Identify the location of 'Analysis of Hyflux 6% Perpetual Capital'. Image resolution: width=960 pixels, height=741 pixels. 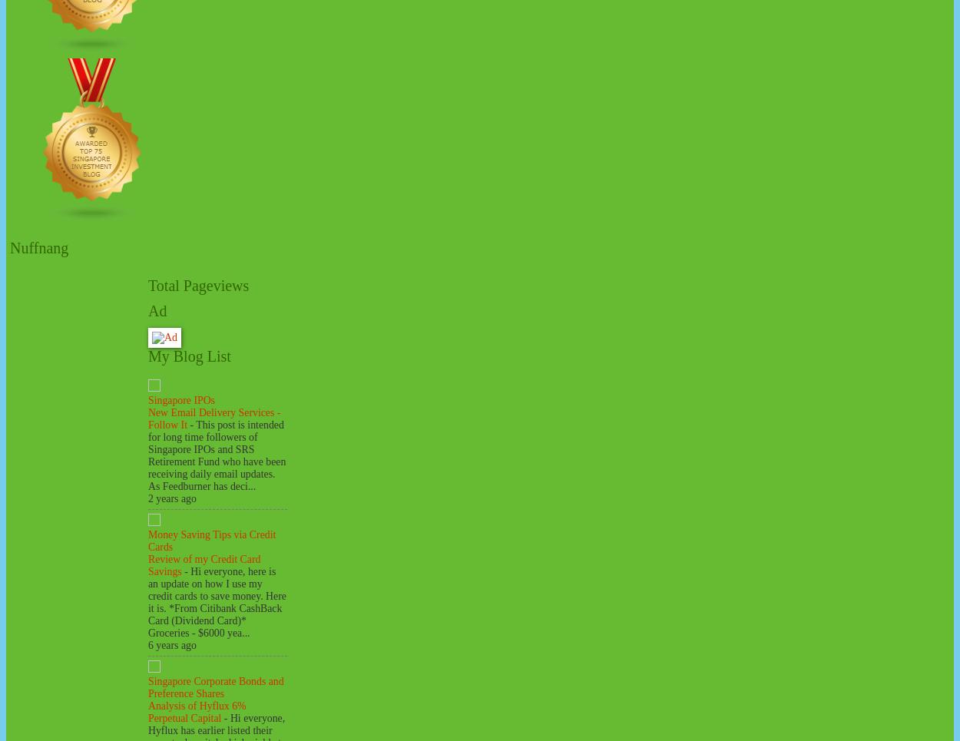
(197, 710).